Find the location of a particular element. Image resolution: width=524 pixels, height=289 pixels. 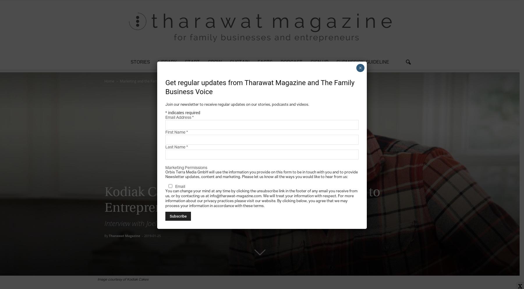

'Orbis Terra Media GmbH will use the information you provide on this form to be in touch with you and to provide Newsletter updates, content and marketing. Please let us know all the ways you would like to hear from us:' is located at coordinates (261, 174).